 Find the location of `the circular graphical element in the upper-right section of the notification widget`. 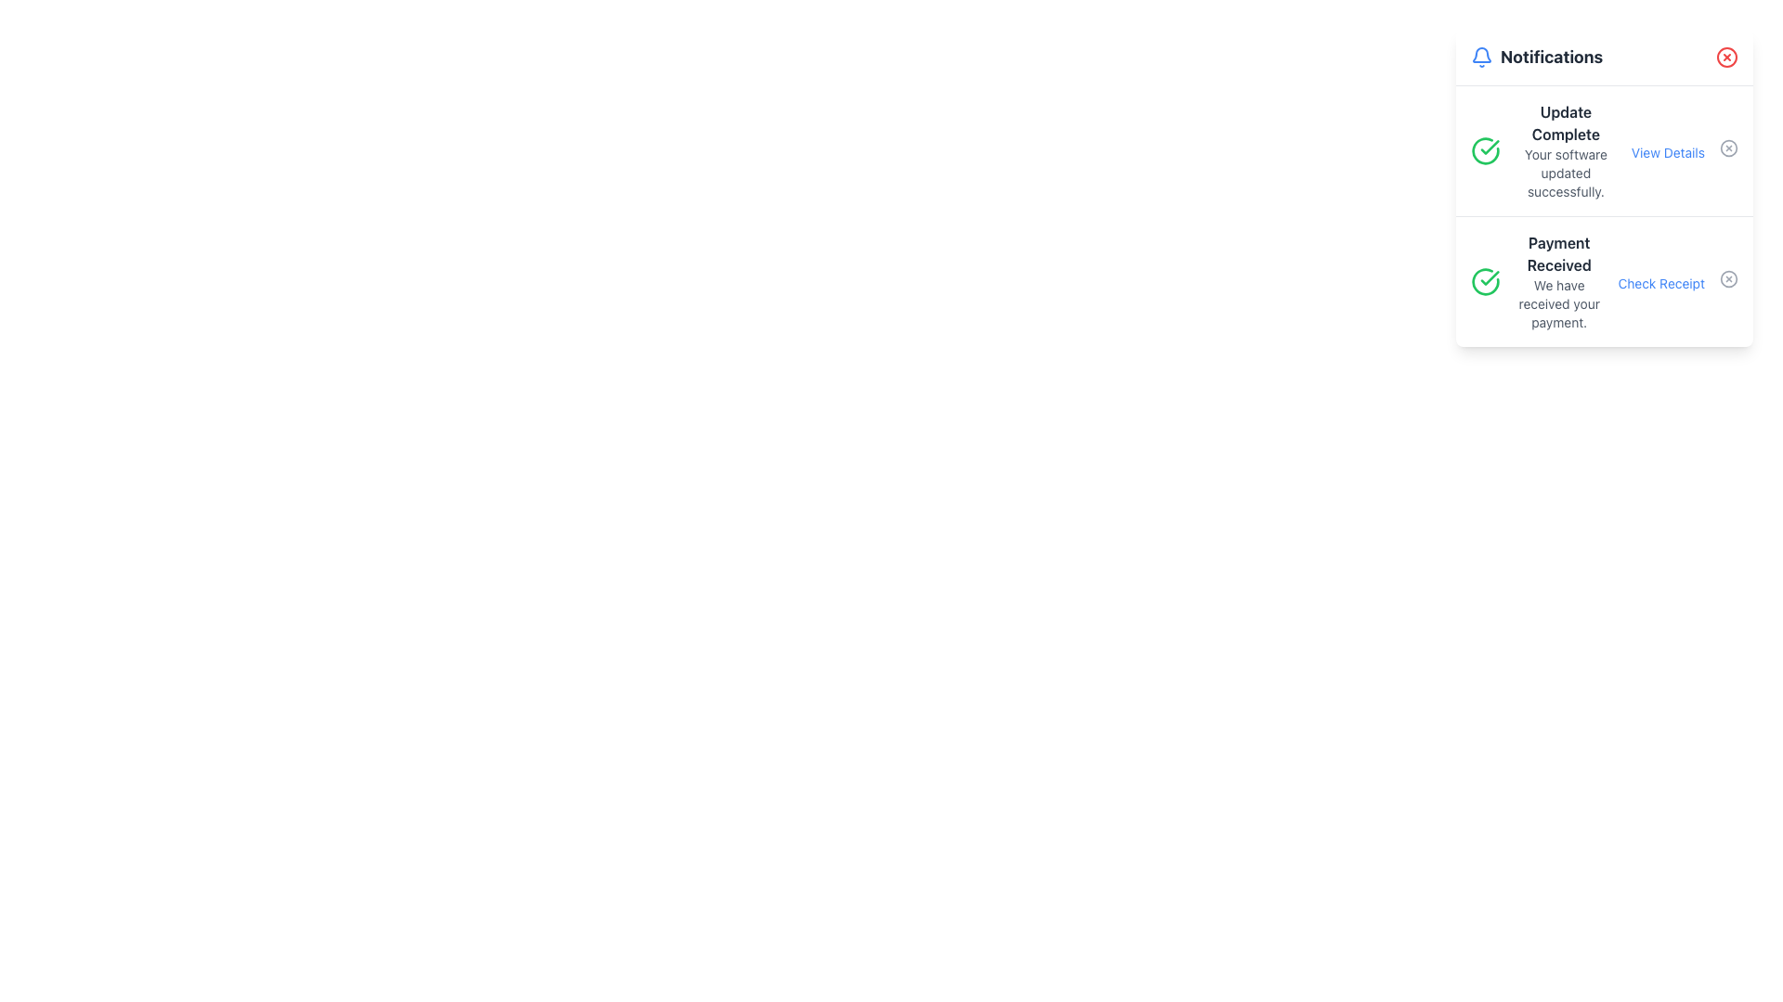

the circular graphical element in the upper-right section of the notification widget is located at coordinates (1728, 147).